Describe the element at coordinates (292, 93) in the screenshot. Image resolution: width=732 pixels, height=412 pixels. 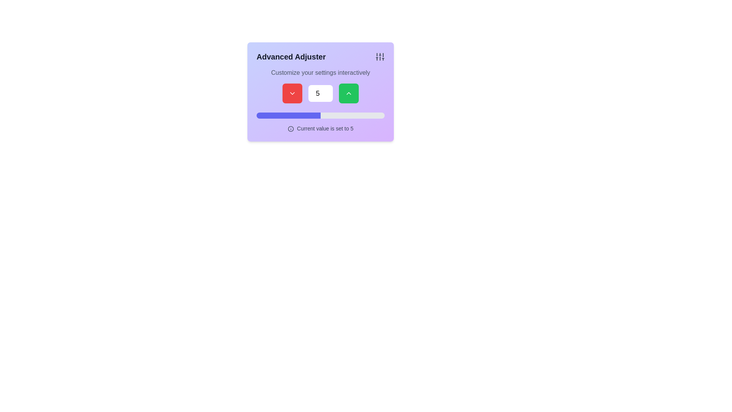
I see `the red button that contains the icon` at that location.